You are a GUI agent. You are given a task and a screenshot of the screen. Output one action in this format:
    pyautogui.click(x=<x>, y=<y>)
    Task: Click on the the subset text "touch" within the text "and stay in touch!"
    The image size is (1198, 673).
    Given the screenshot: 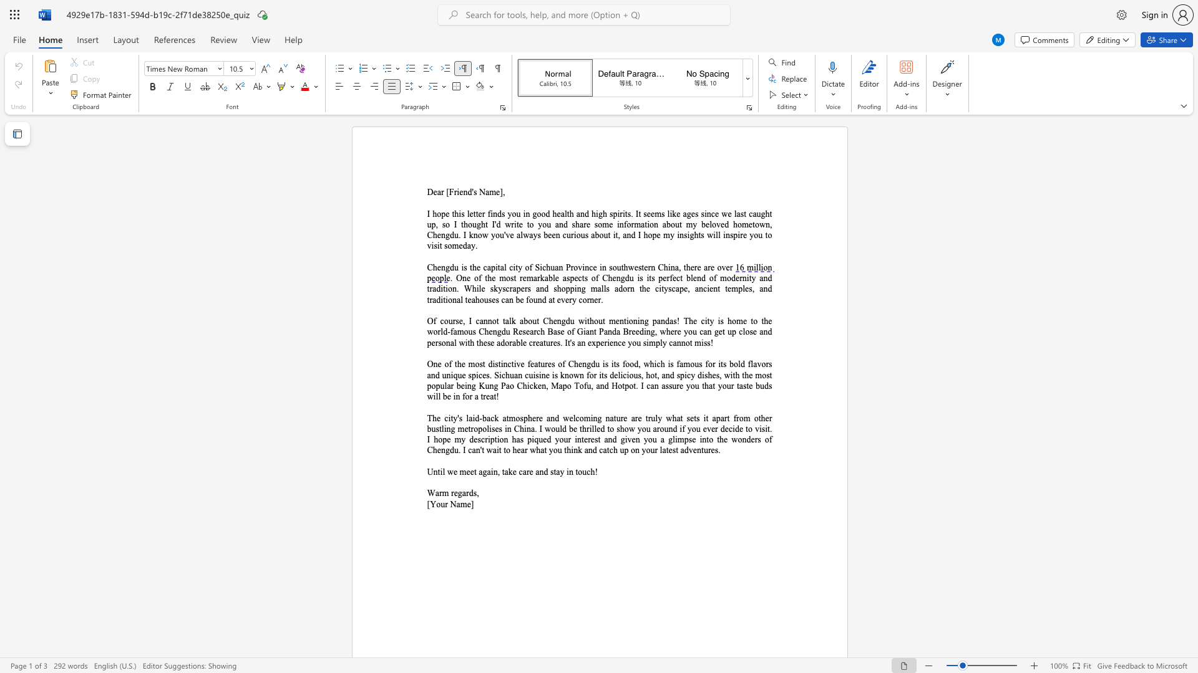 What is the action you would take?
    pyautogui.click(x=575, y=472)
    